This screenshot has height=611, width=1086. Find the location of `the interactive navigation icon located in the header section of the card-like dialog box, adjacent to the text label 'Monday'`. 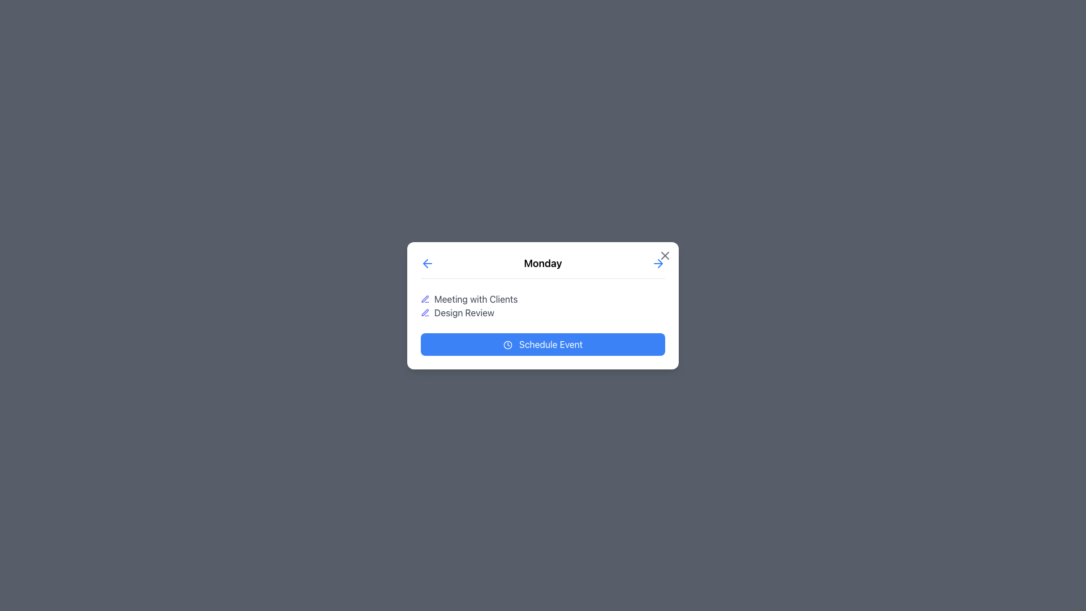

the interactive navigation icon located in the header section of the card-like dialog box, adjacent to the text label 'Monday' is located at coordinates (658, 263).